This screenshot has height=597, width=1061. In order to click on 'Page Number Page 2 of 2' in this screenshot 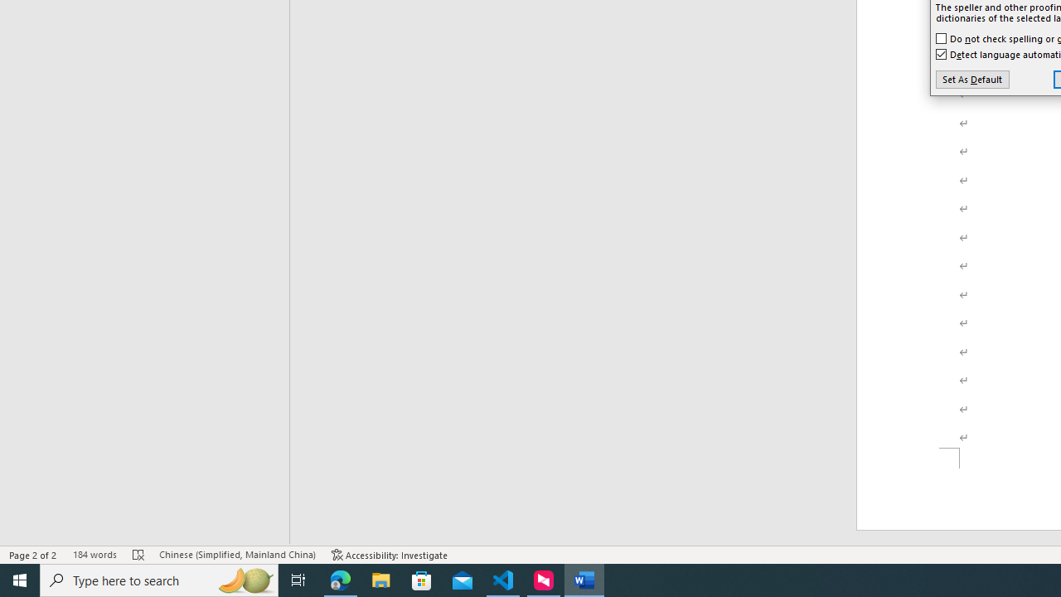, I will do `click(33, 555)`.